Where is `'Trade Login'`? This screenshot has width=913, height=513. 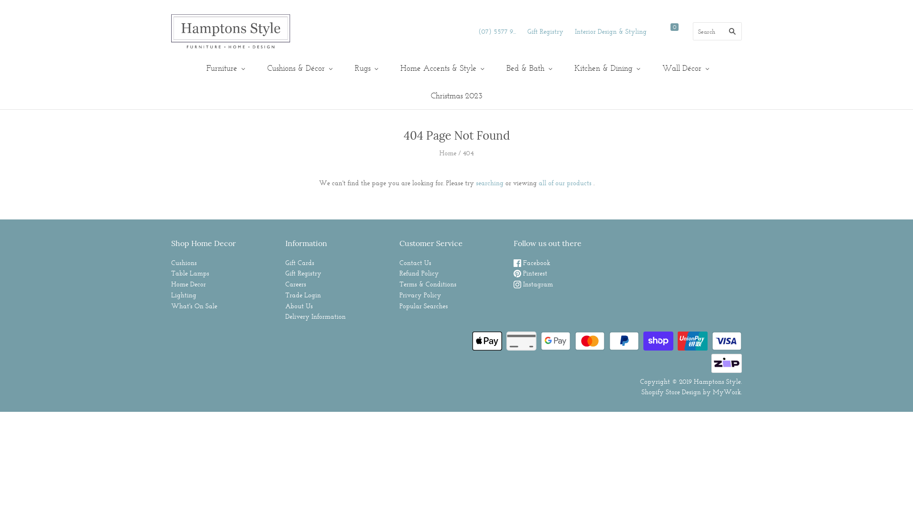 'Trade Login' is located at coordinates (302, 294).